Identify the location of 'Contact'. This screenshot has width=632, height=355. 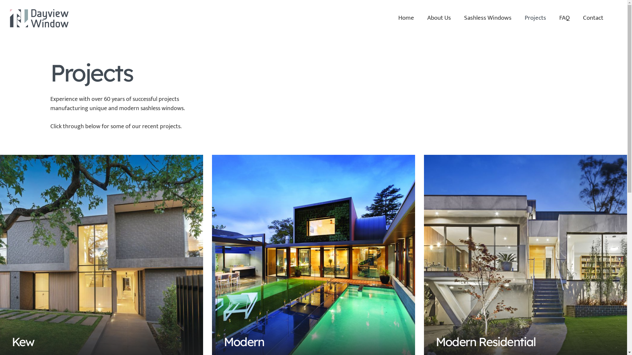
(593, 17).